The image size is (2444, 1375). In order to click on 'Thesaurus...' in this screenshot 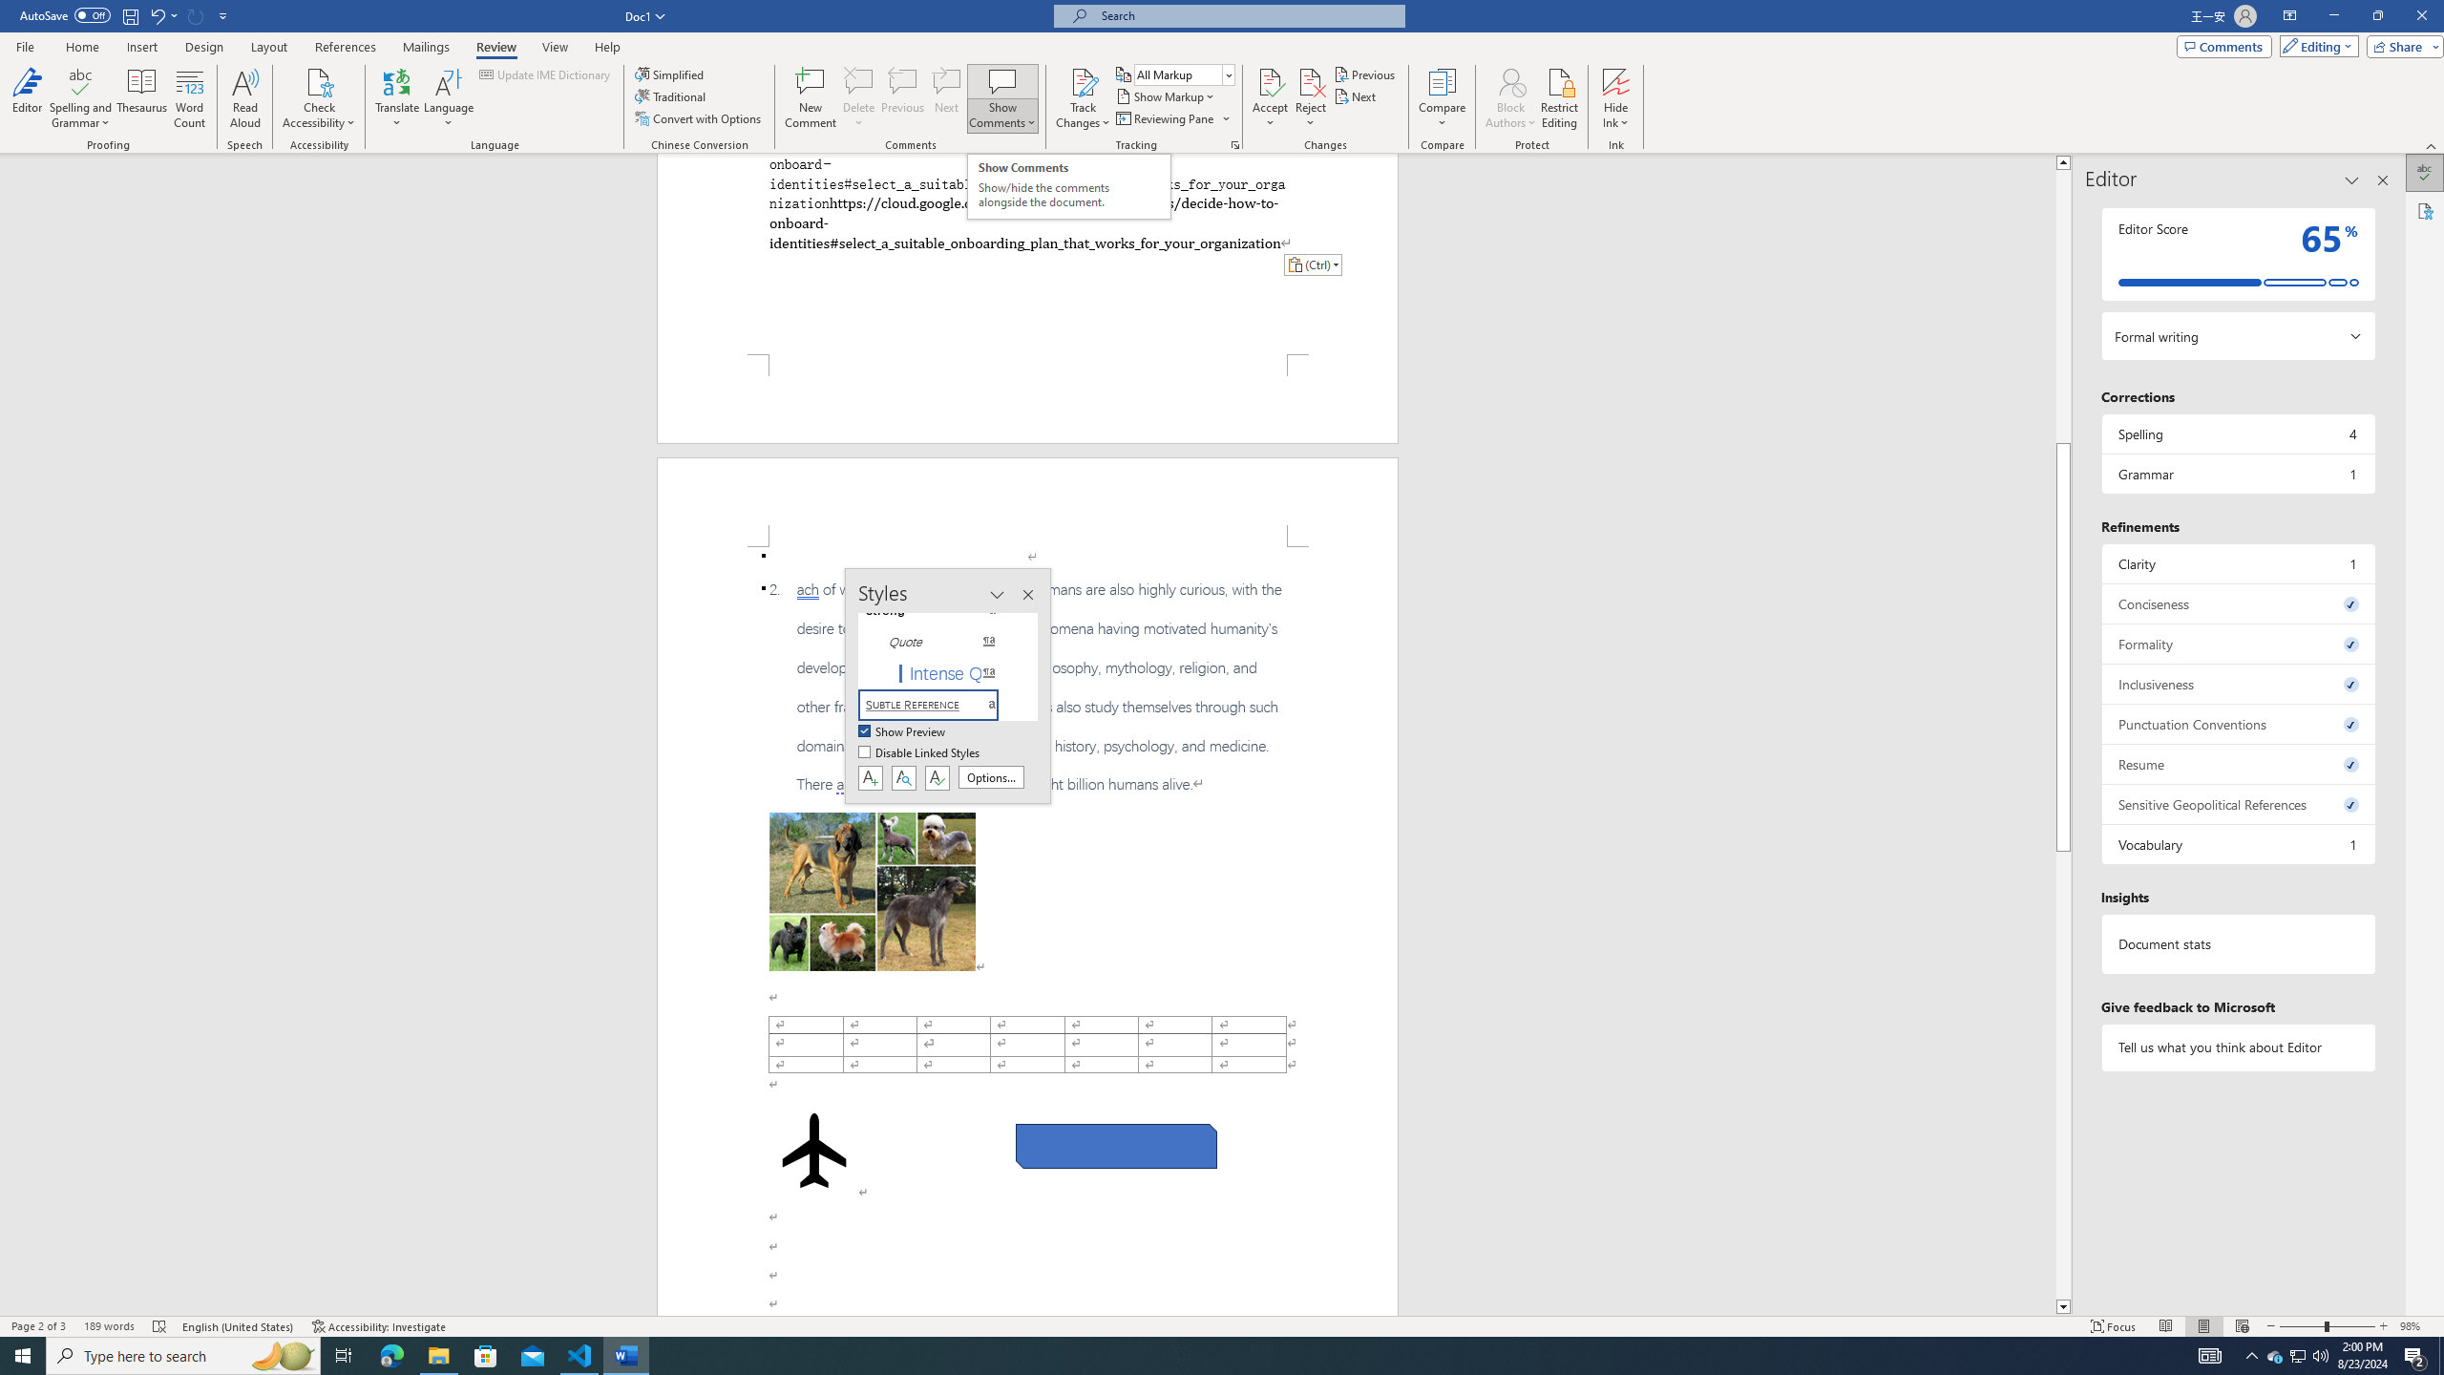, I will do `click(141, 98)`.